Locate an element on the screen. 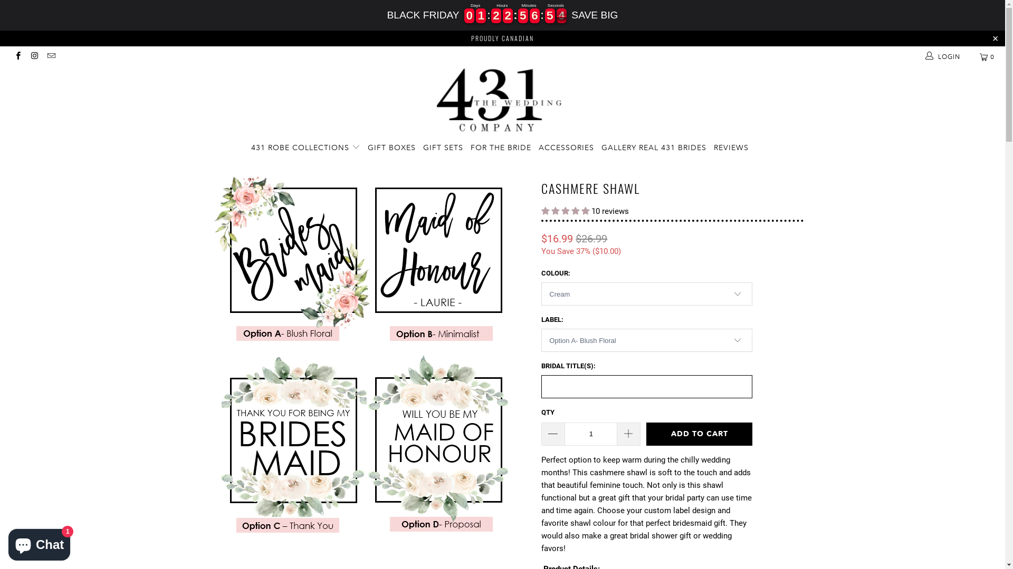  '431 The Wedding Company on Instagram' is located at coordinates (34, 57).